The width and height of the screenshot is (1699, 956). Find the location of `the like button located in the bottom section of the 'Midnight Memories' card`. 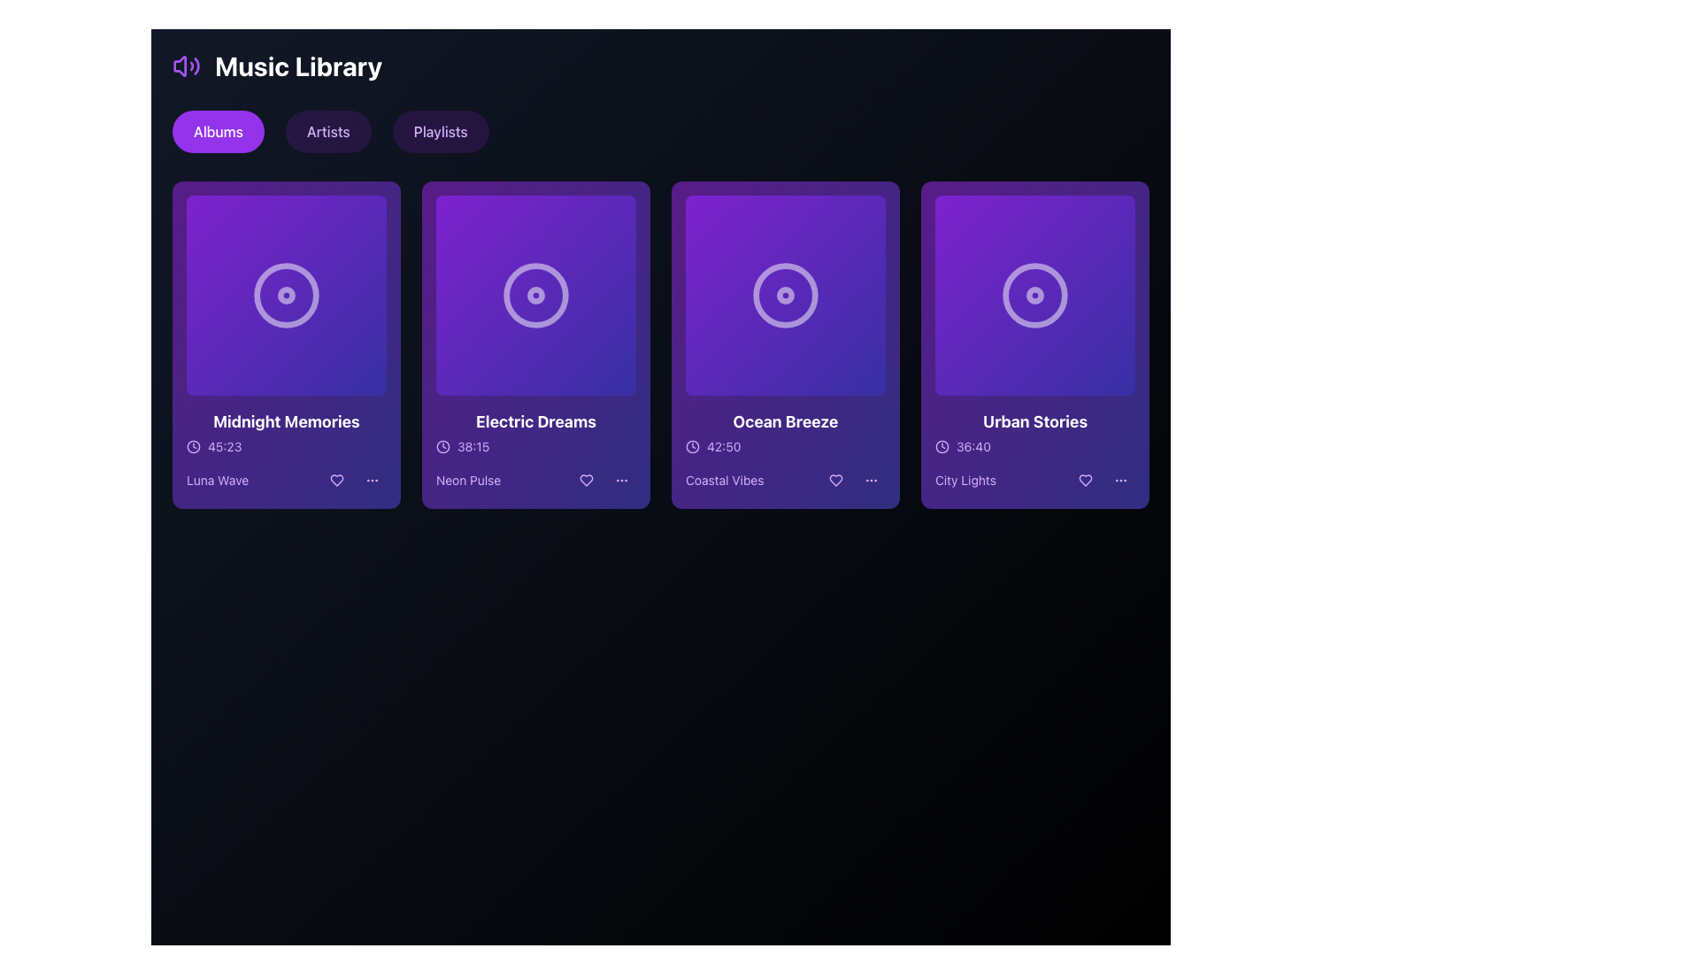

the like button located in the bottom section of the 'Midnight Memories' card is located at coordinates (336, 481).